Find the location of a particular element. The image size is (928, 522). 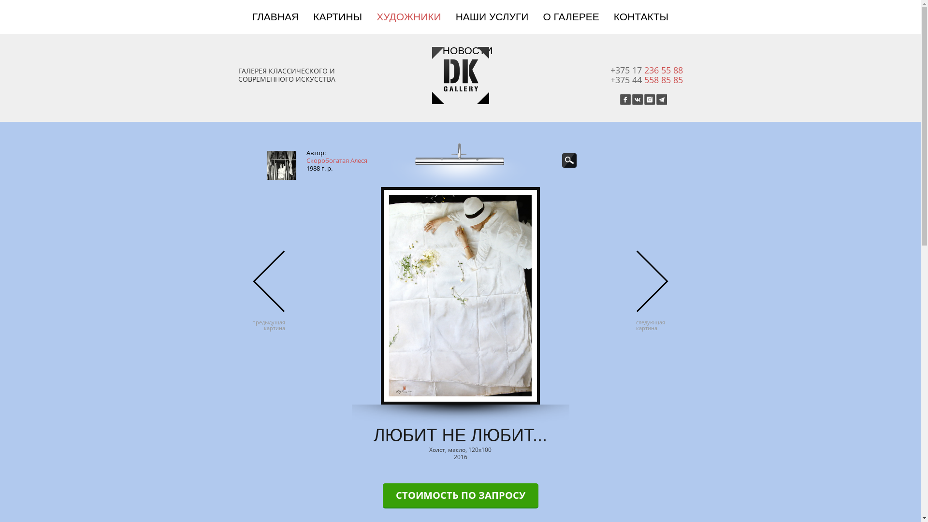

'+375 17 236 55 88' is located at coordinates (646, 70).